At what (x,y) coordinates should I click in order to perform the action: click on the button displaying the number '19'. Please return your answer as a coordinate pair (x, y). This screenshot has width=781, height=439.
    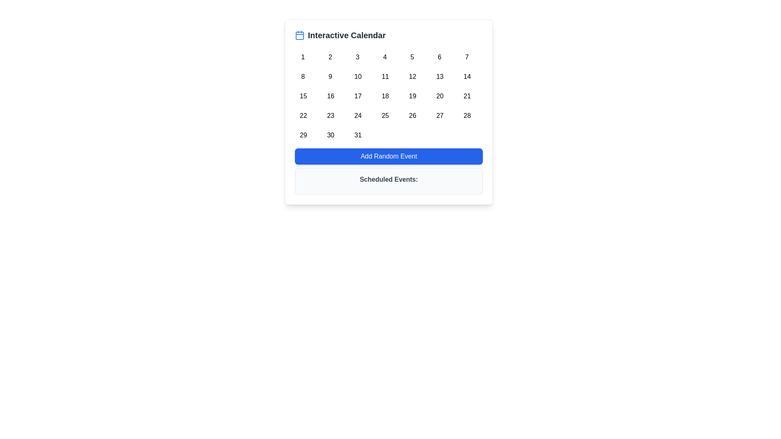
    Looking at the image, I should click on (412, 94).